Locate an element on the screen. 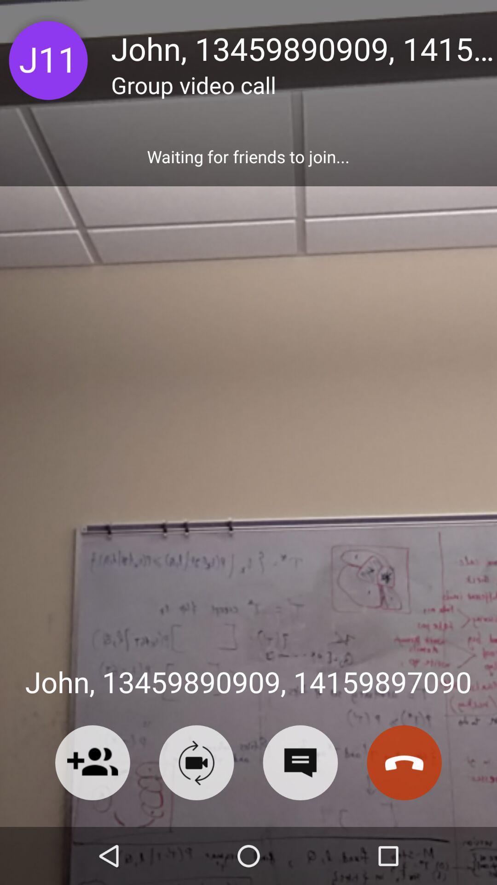 The width and height of the screenshot is (497, 885). contact is located at coordinates (92, 762).